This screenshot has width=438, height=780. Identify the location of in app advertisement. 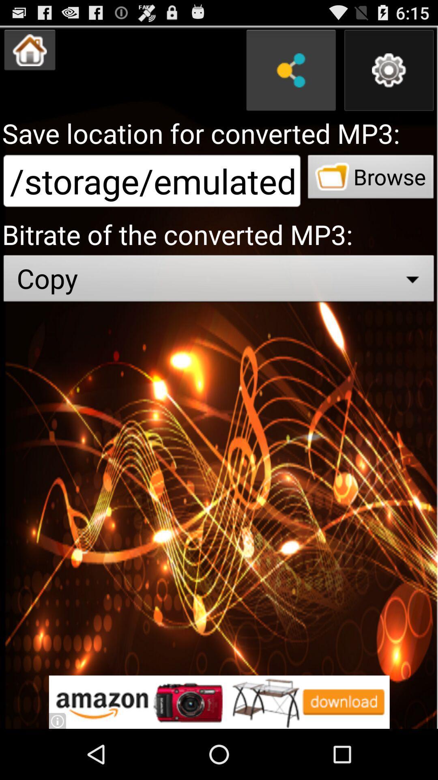
(219, 702).